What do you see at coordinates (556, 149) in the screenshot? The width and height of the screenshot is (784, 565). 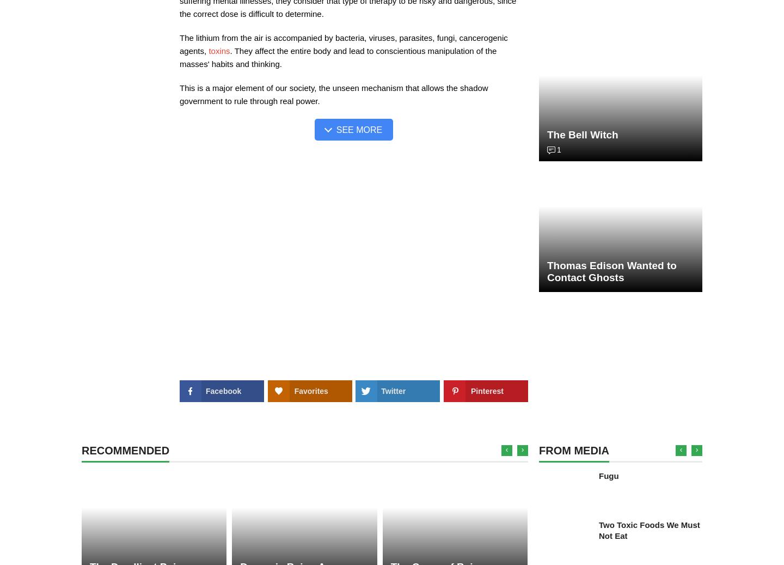 I see `'1'` at bounding box center [556, 149].